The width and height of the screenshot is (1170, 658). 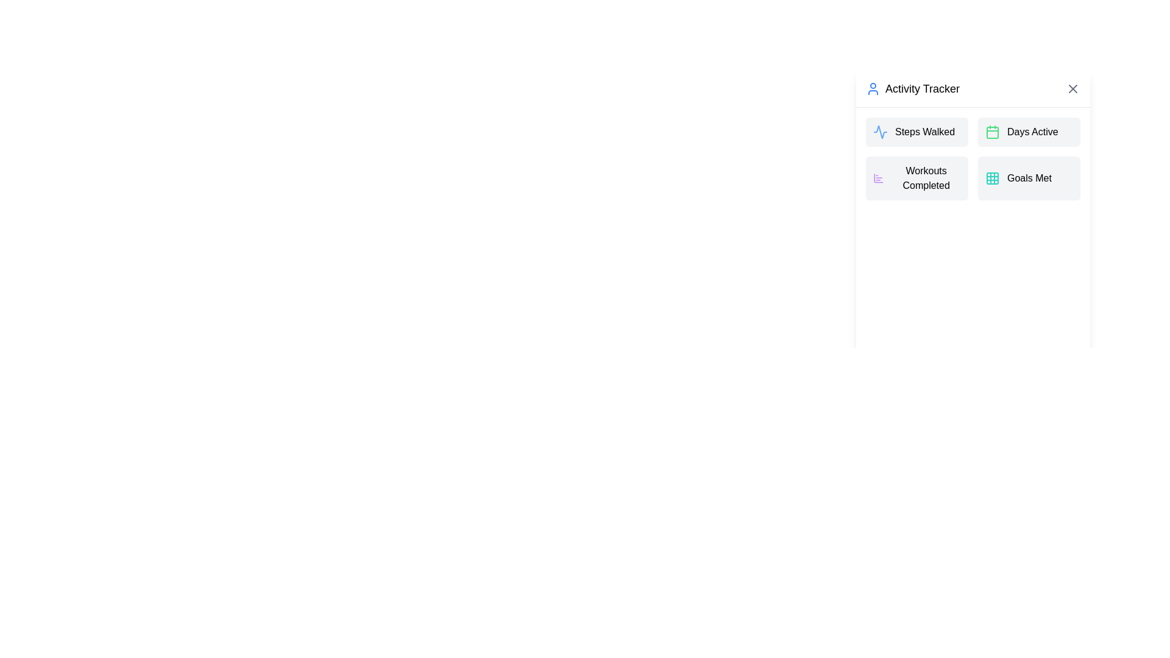 What do you see at coordinates (873, 88) in the screenshot?
I see `the user profile icon, which is a blue circular icon representing a person, located to the left of the 'Activity Tracker' title text` at bounding box center [873, 88].